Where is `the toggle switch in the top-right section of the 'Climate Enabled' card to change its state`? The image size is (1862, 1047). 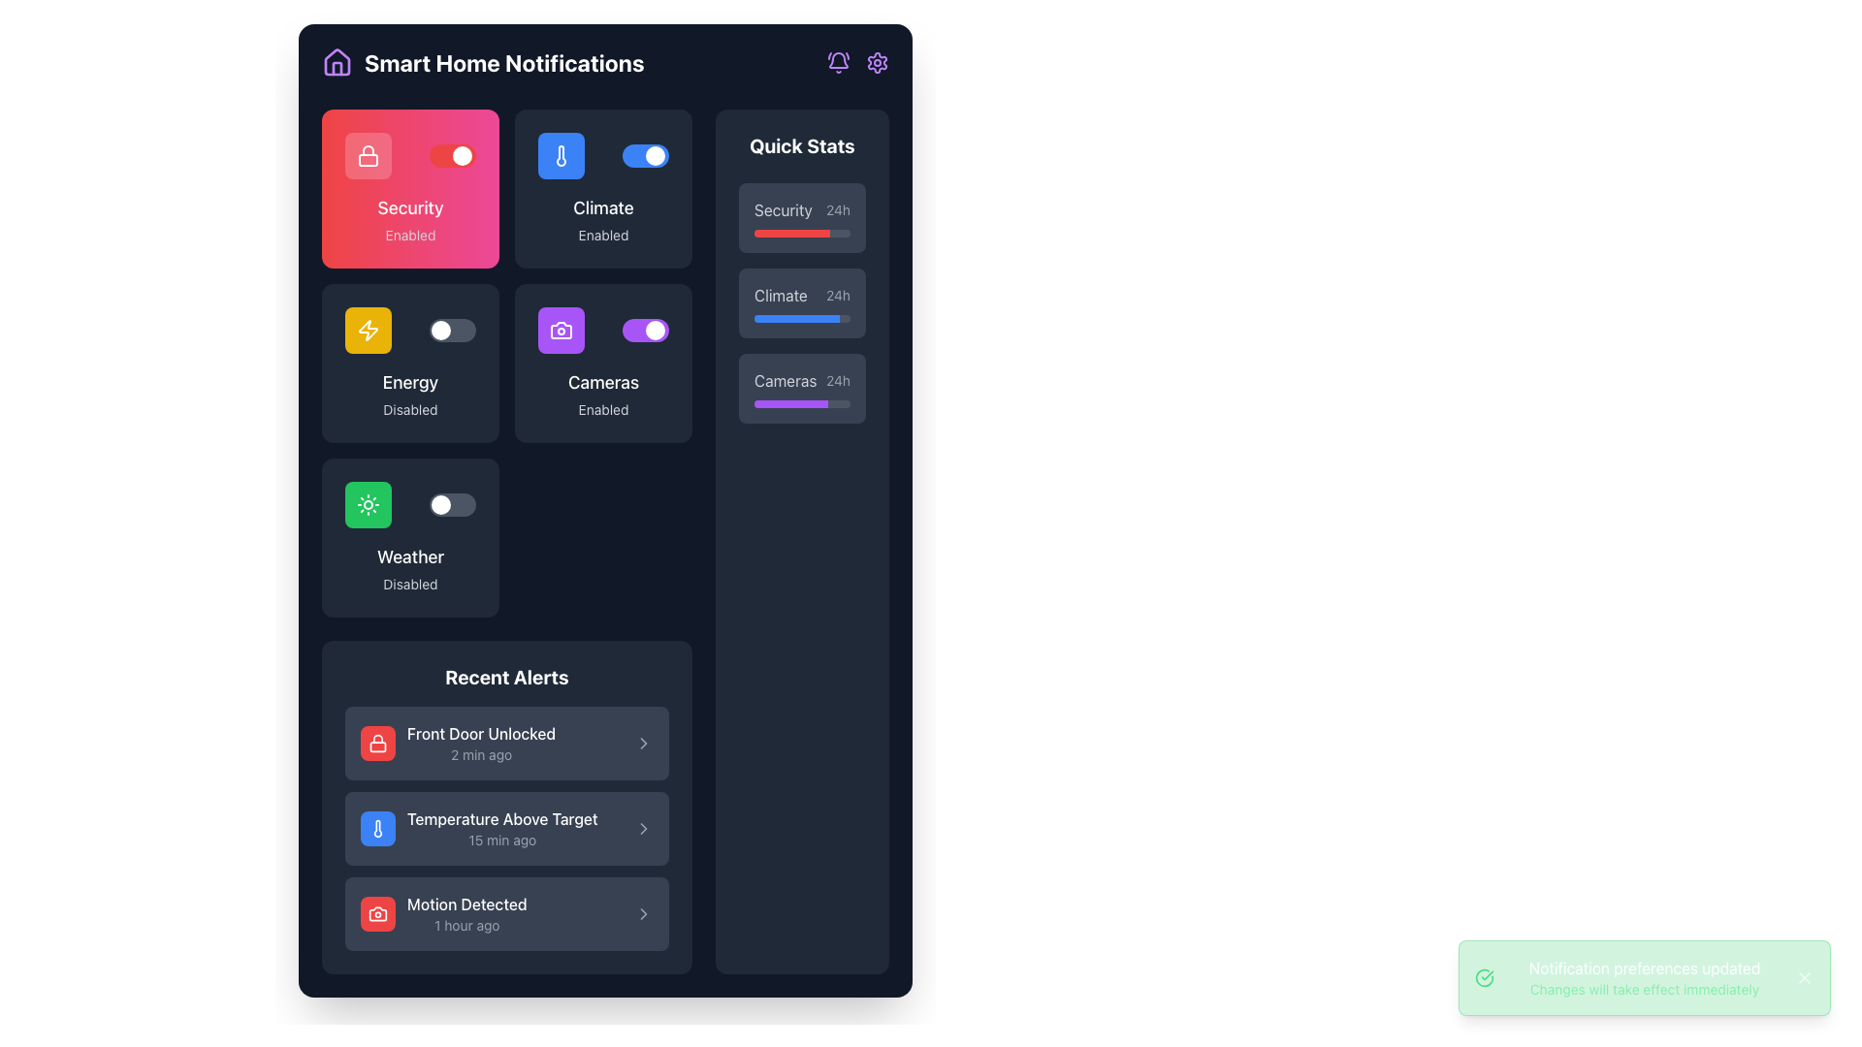 the toggle switch in the top-right section of the 'Climate Enabled' card to change its state is located at coordinates (602, 155).